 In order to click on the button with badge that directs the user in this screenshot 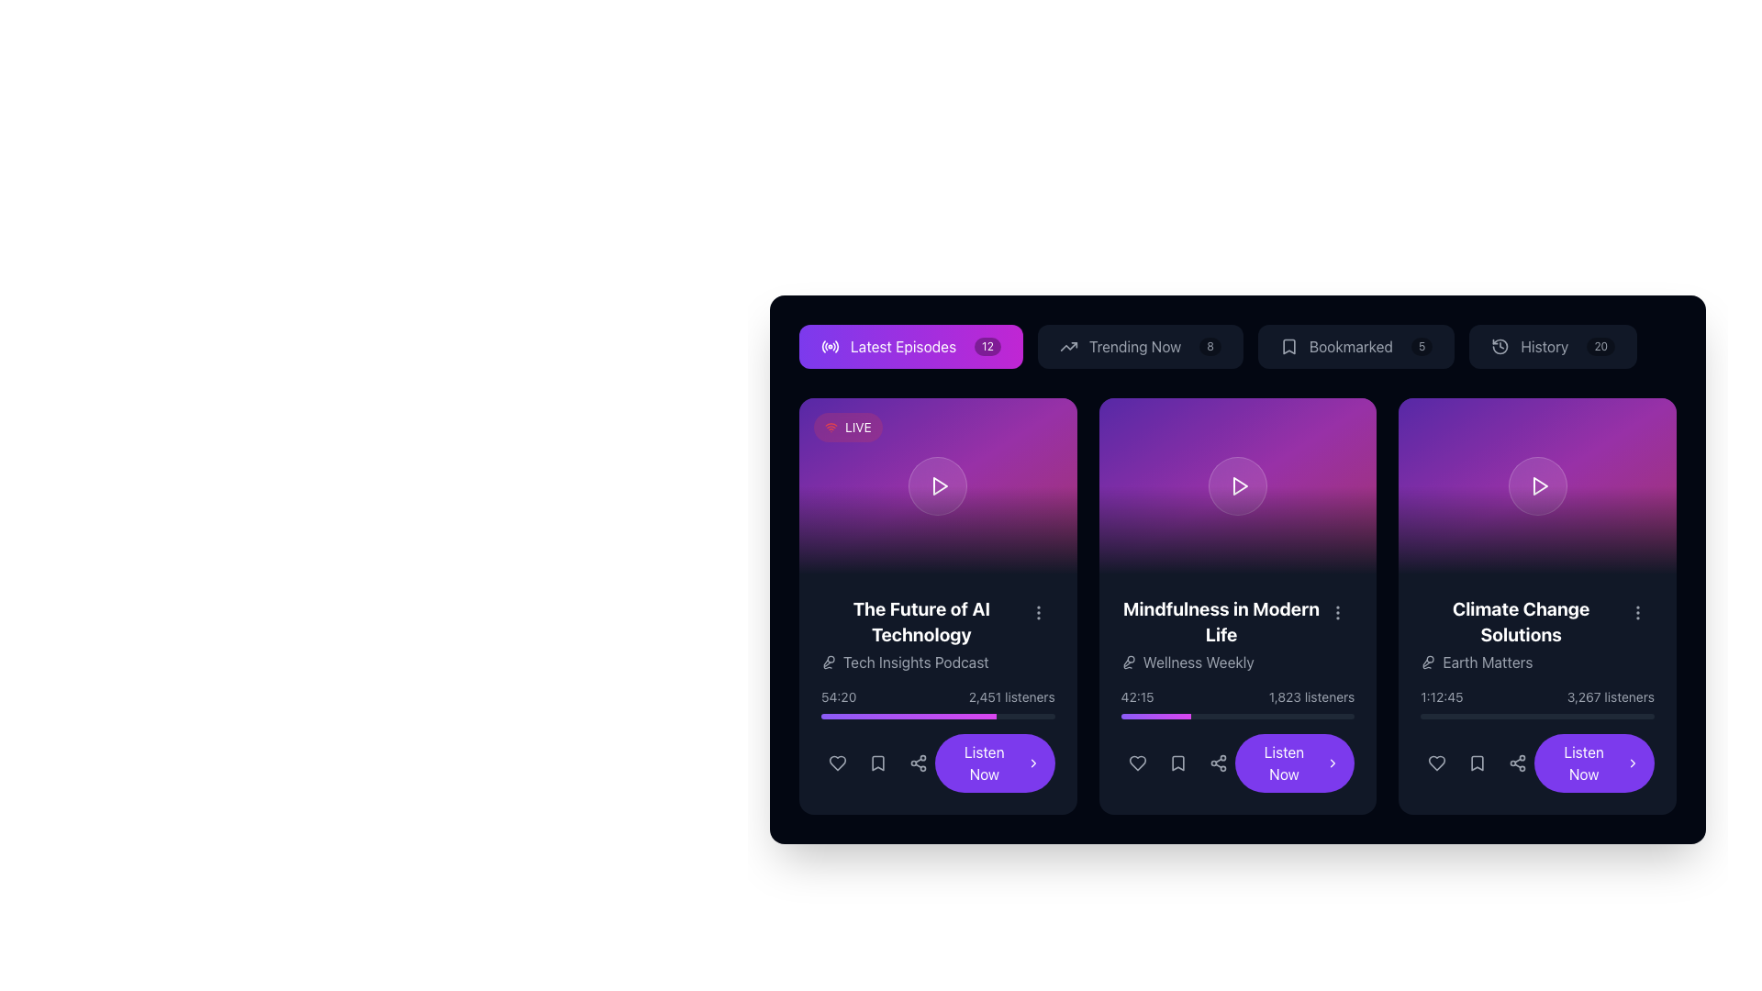, I will do `click(1356, 347)`.